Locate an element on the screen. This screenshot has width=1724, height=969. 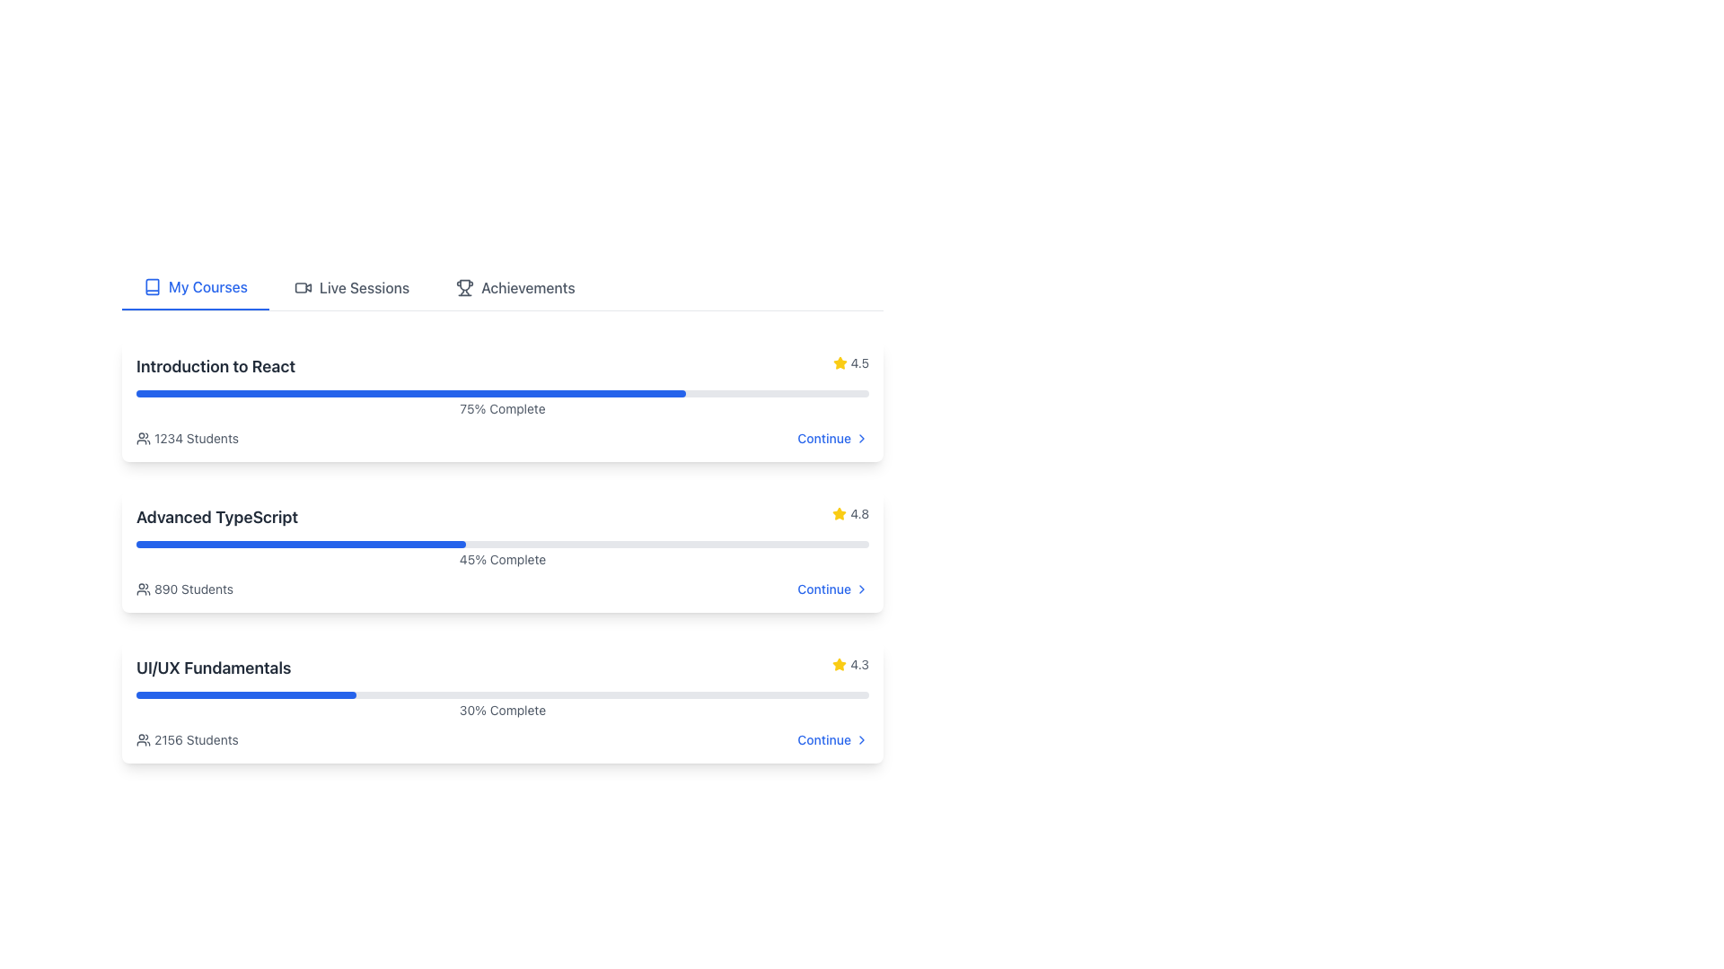
the navigational button located at the bottom-right of the 'Advanced TypeScript' section to proceed to the next step of the course is located at coordinates (831, 589).